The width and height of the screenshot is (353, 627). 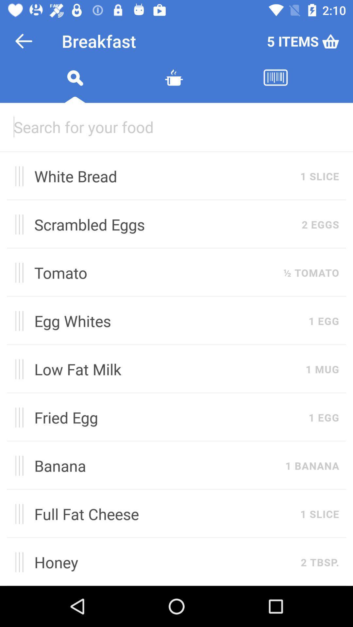 I want to click on item to the right of the scrambled eggs, so click(x=320, y=224).